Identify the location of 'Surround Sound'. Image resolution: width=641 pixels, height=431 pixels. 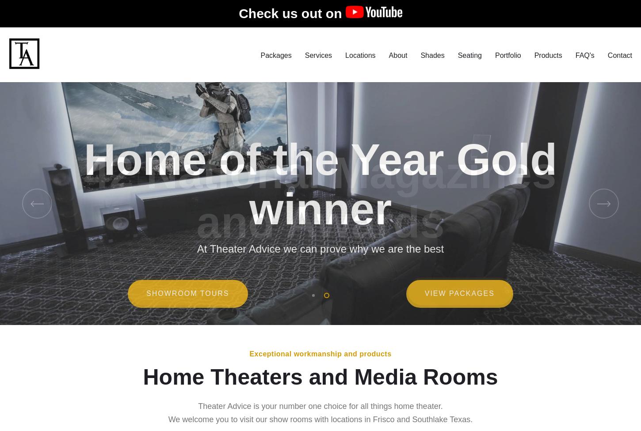
(340, 112).